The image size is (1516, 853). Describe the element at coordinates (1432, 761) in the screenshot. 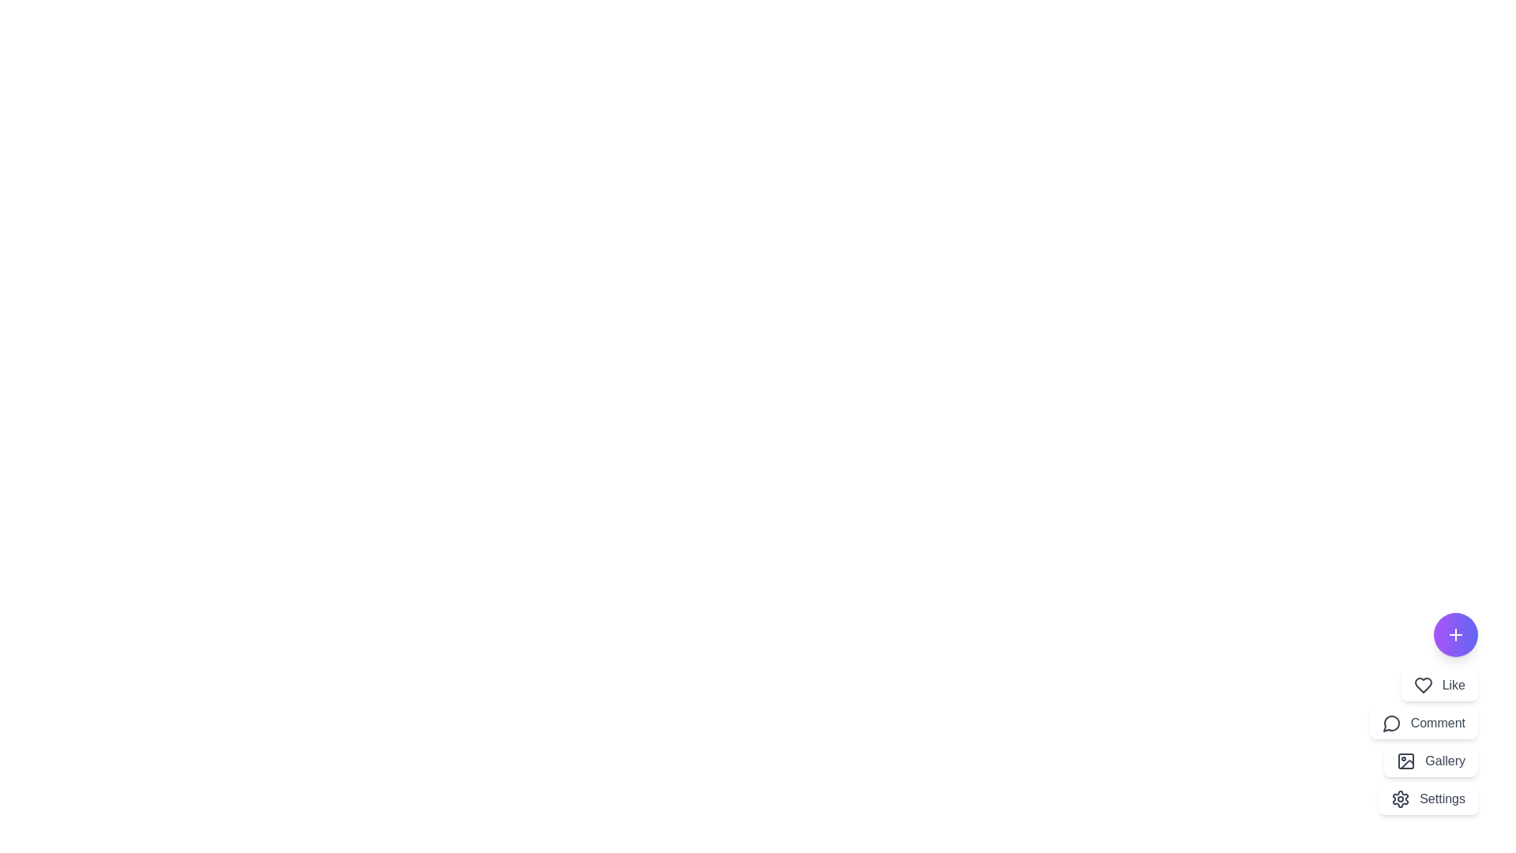

I see `the menu option Gallery to observe the visual feedback` at that location.